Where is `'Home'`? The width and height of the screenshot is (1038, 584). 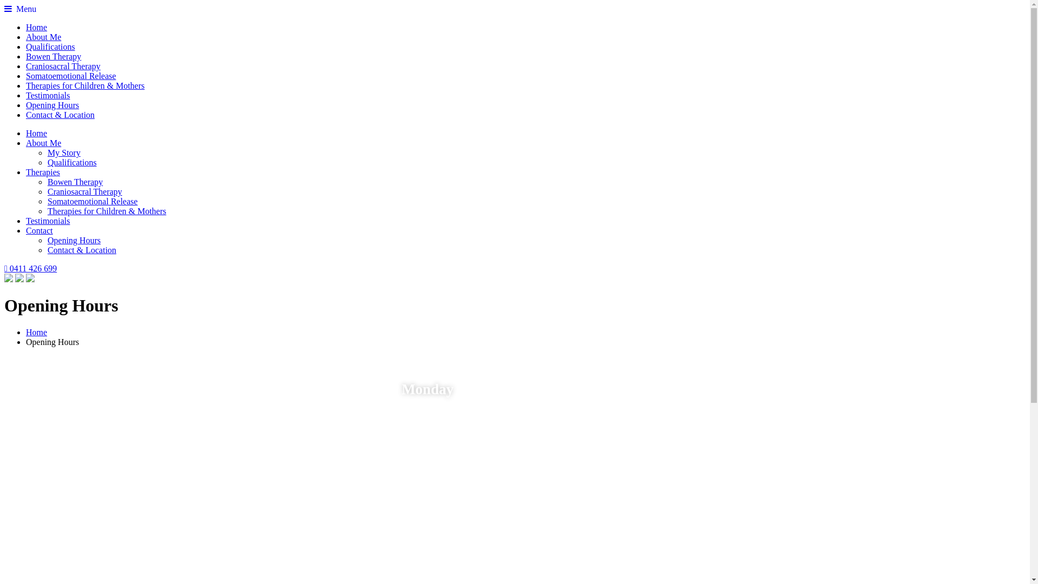
'Home' is located at coordinates (26, 132).